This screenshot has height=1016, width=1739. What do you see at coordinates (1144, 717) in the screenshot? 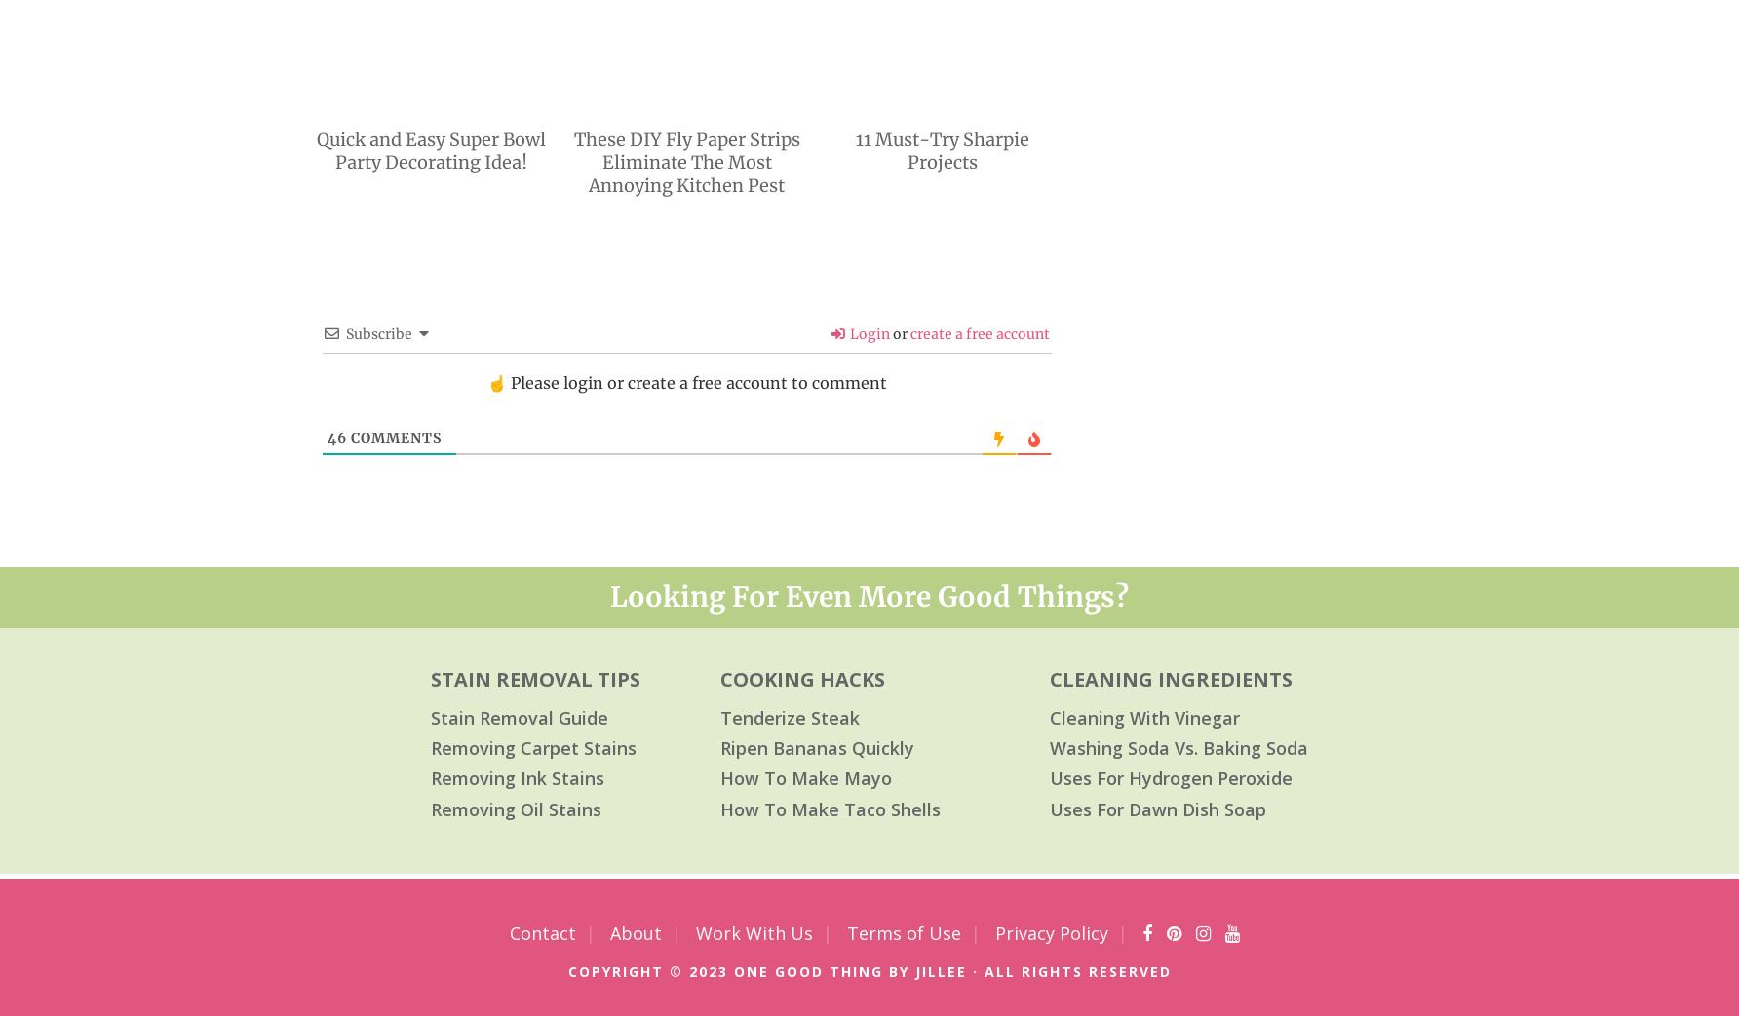
I see `'Cleaning With Vinegar'` at bounding box center [1144, 717].